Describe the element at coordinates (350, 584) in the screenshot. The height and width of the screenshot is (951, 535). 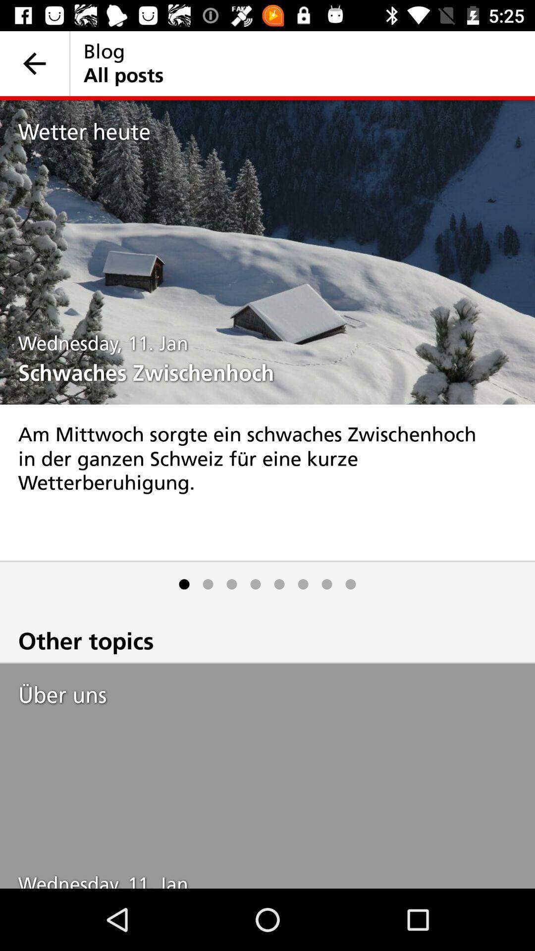
I see `icon below the am mittwoch sorgte icon` at that location.